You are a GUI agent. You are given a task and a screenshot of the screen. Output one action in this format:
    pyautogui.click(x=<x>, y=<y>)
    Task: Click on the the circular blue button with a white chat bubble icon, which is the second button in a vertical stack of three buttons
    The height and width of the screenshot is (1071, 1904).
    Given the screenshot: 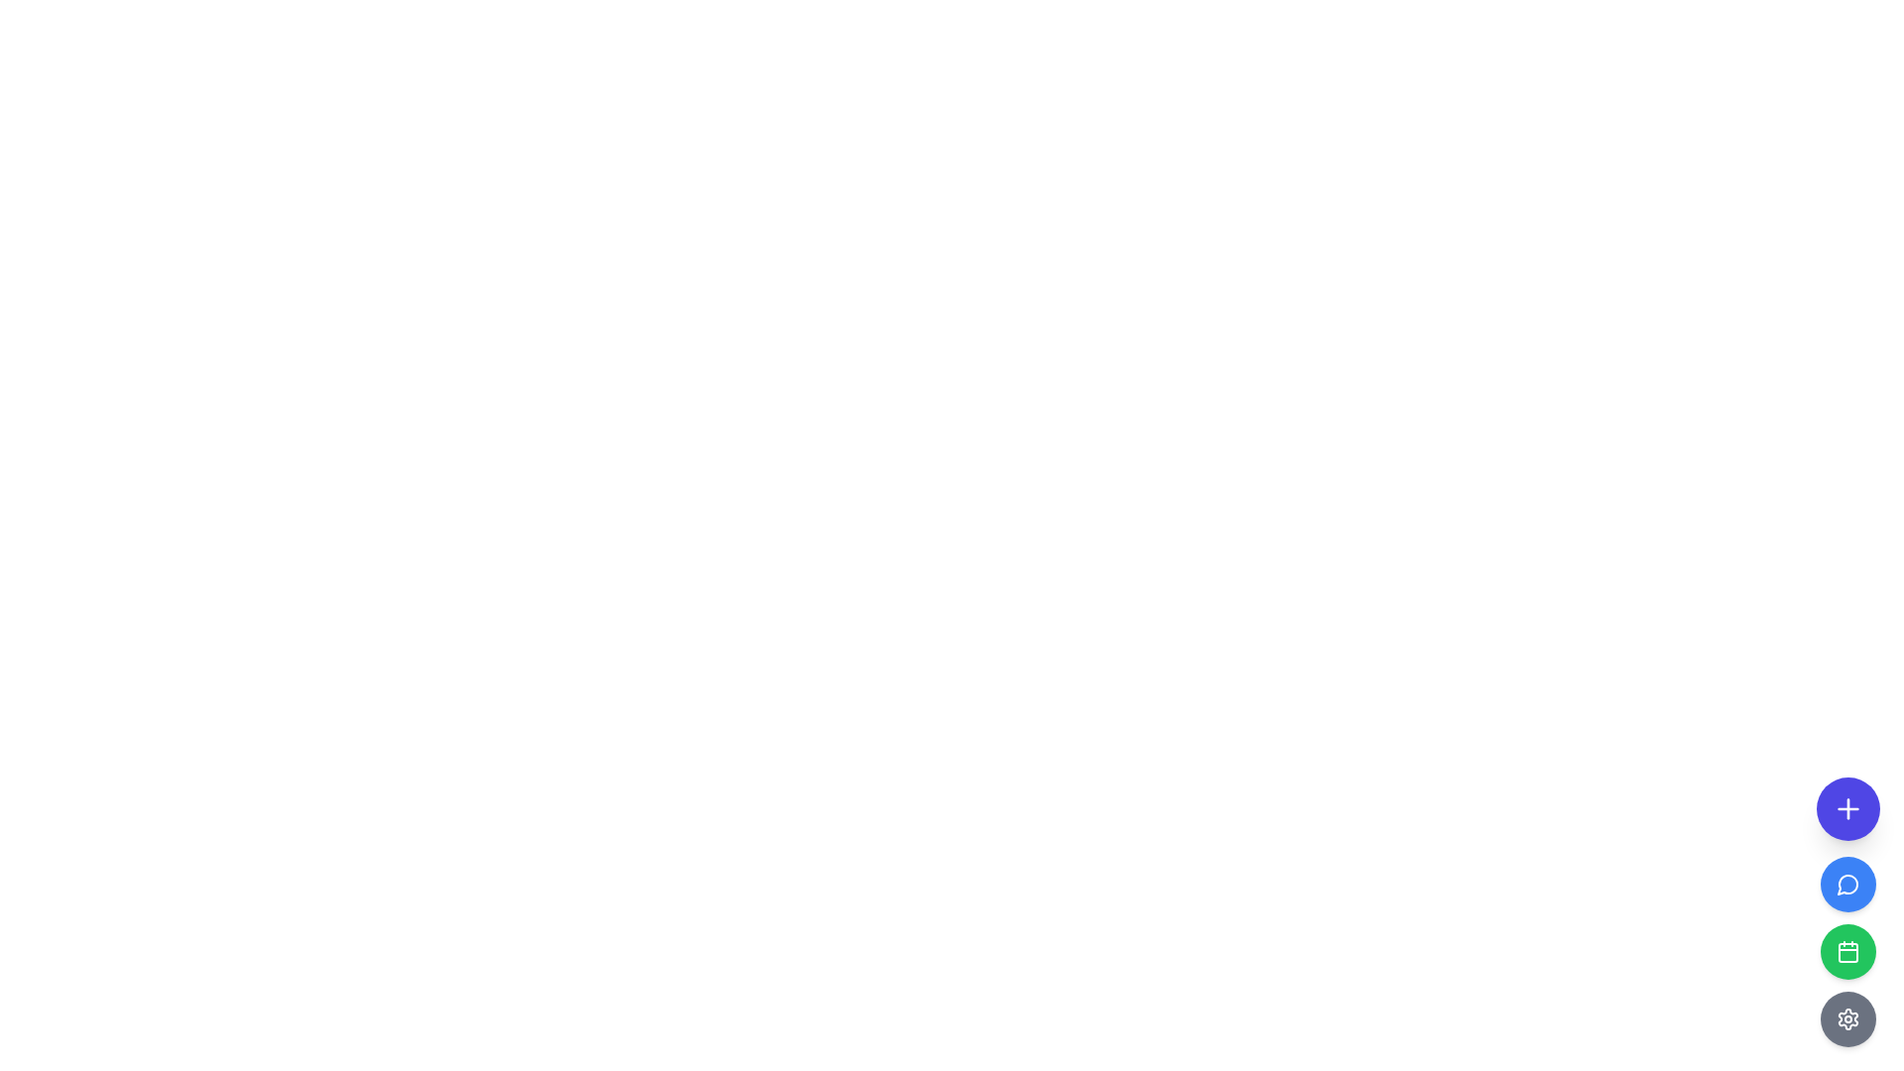 What is the action you would take?
    pyautogui.click(x=1846, y=883)
    